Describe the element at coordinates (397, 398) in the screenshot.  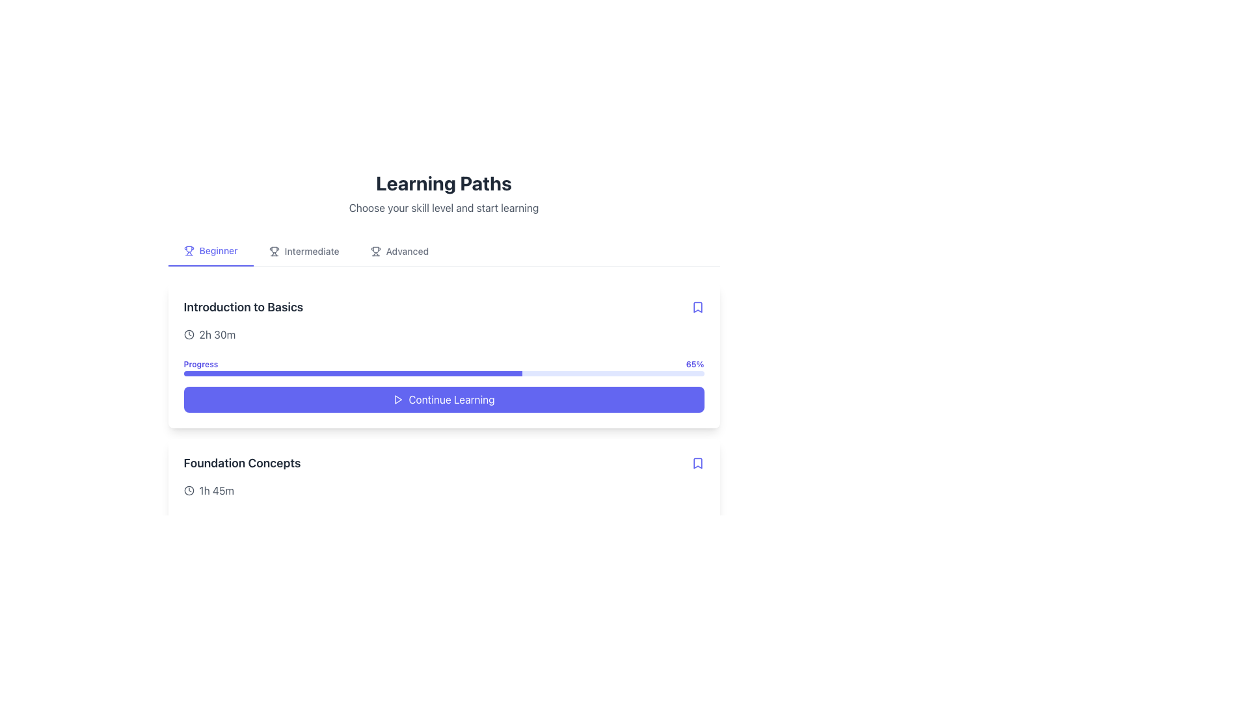
I see `the 'Continue Learning' button located at the bottom of the 'Introduction to Basics' section card, identified by its left-side decorative icon` at that location.